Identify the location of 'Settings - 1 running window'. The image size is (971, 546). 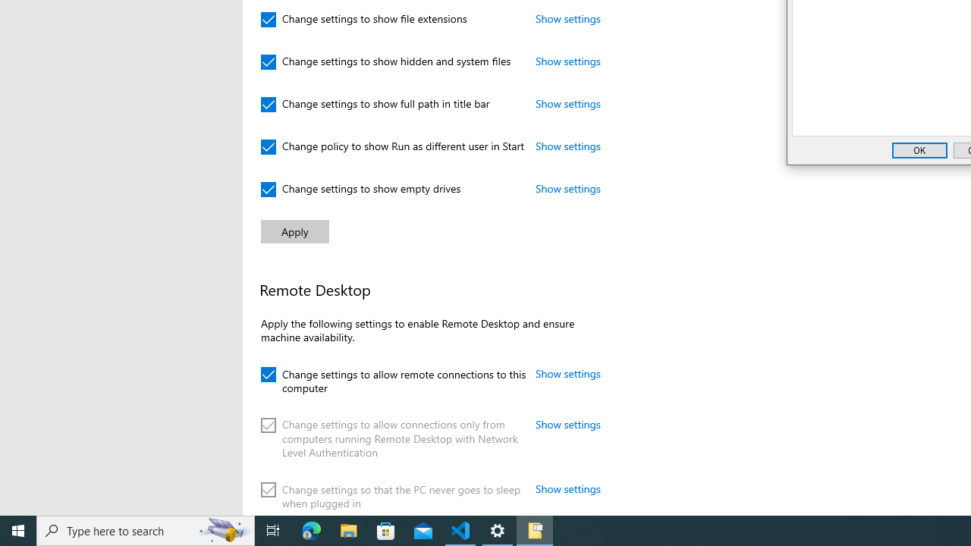
(498, 529).